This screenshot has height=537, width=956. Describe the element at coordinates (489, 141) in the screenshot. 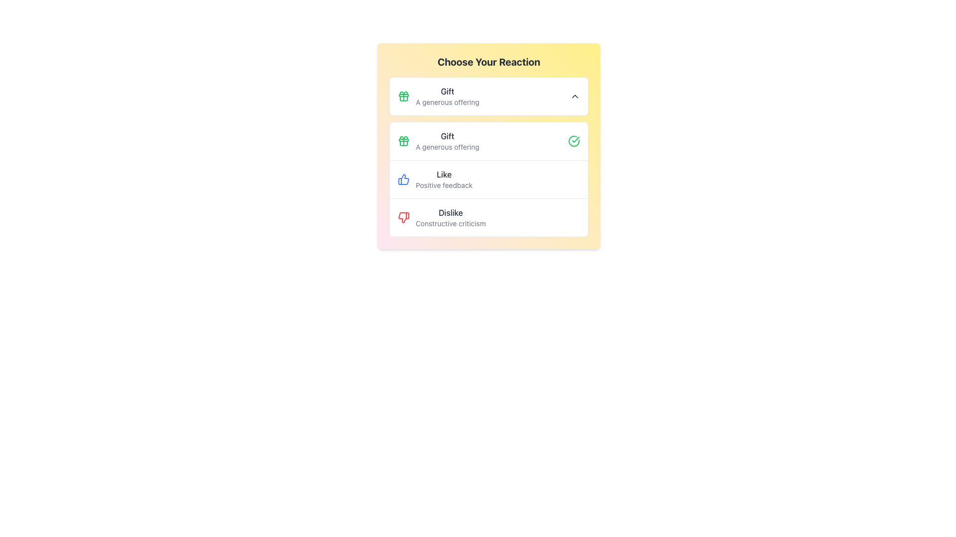

I see `the selectable list item titled 'Gift'` at that location.